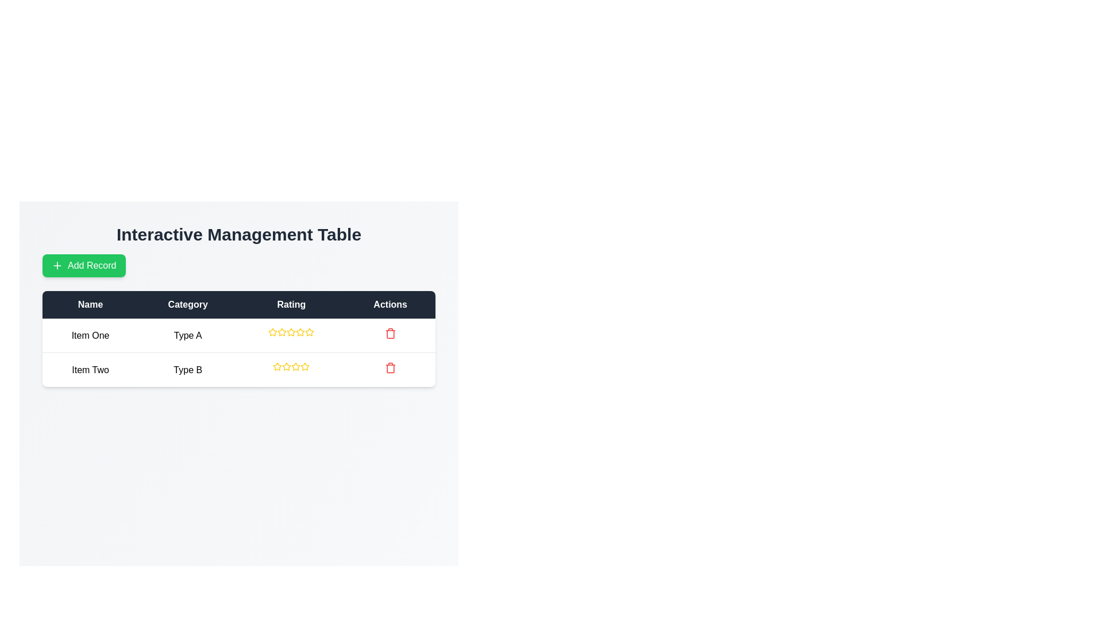 This screenshot has width=1103, height=620. I want to click on the displayed state of the third star icon in the 5-star rating system for 'Item One' located in the 'Rating' column, so click(282, 332).